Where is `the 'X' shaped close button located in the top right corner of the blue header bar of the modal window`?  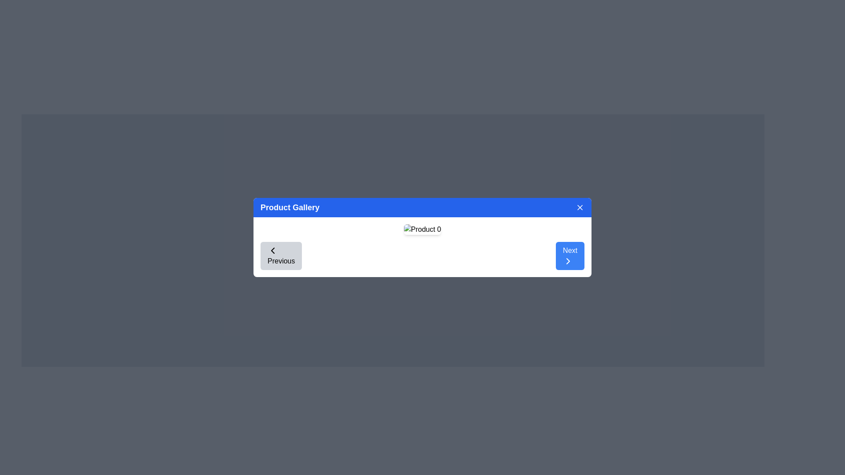 the 'X' shaped close button located in the top right corner of the blue header bar of the modal window is located at coordinates (580, 207).